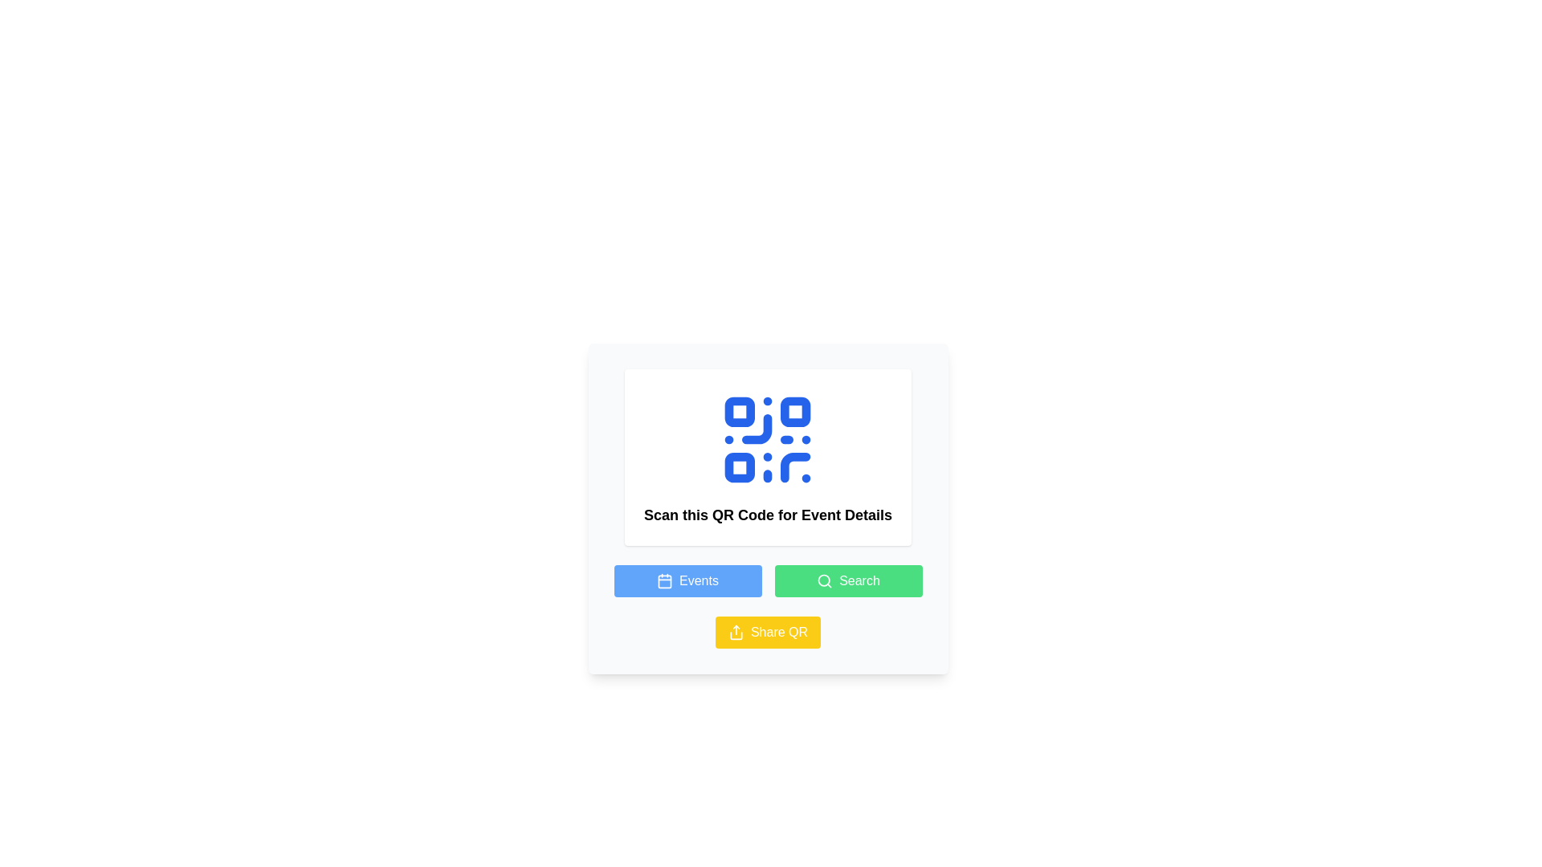  Describe the element at coordinates (796, 467) in the screenshot. I see `the small blue semi-circular line that is part of the QR code located in the bottom-right square section of the QR code symbol` at that location.